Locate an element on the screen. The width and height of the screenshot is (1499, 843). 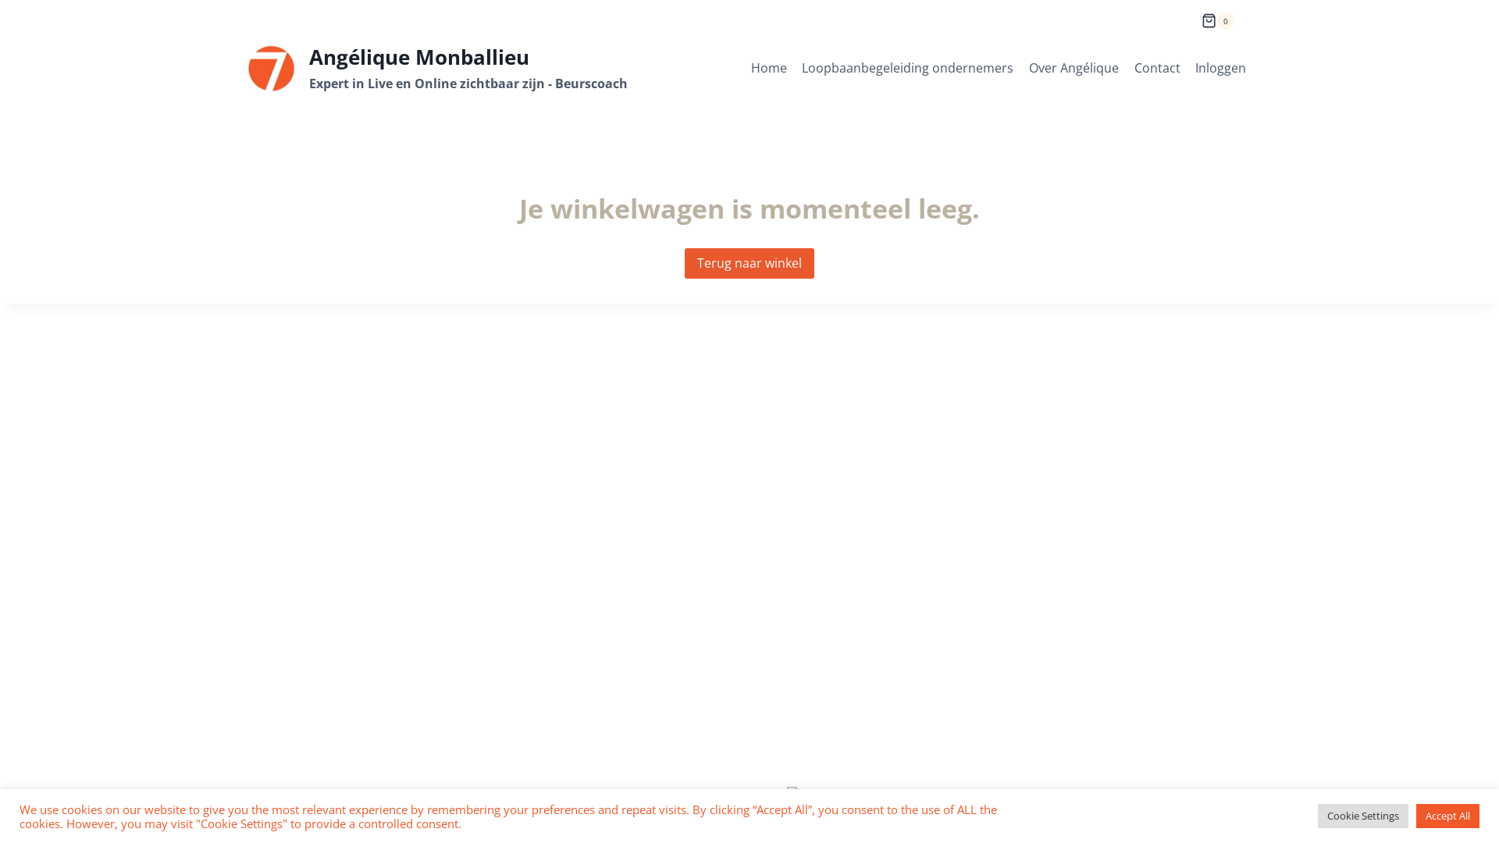
'Cookie Settings' is located at coordinates (1362, 815).